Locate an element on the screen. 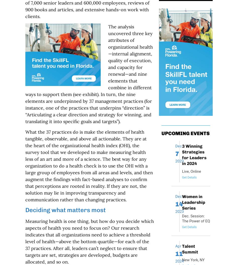 This screenshot has width=226, height=265. 'Measuring health is one thing, but how do you decide which aspects of health you need to focus on? Our research indicates that all organizations need to achieve a threshold level of health—above the bottom quartile—for each of the 37 practices. After all, leaders can’t neglect to ensure that targets are set, strategies are developed, budgets are allocated, and so on.' is located at coordinates (89, 241).